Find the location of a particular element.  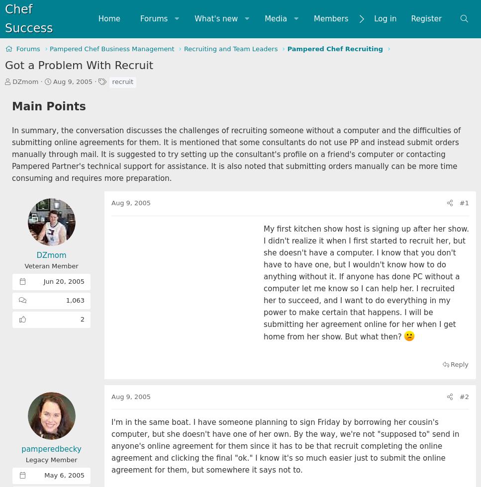

'Home' is located at coordinates (108, 19).